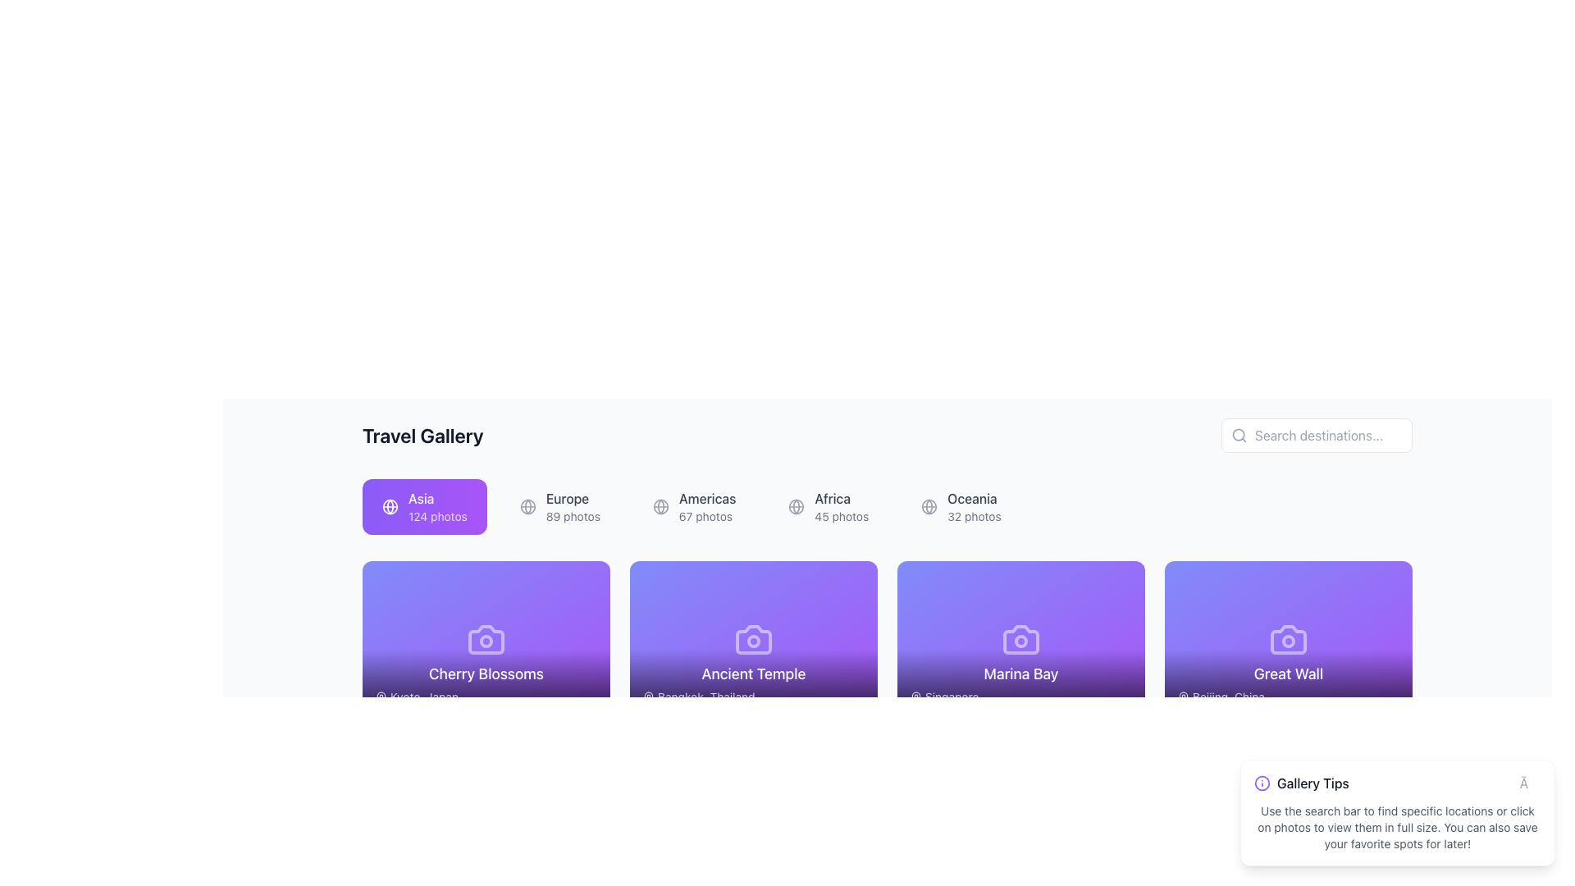 The height and width of the screenshot is (886, 1575). I want to click on the card labeled 'Ancient Temple' which has a white camera icon and is the second item in the first row of the grid layout, so click(752, 638).